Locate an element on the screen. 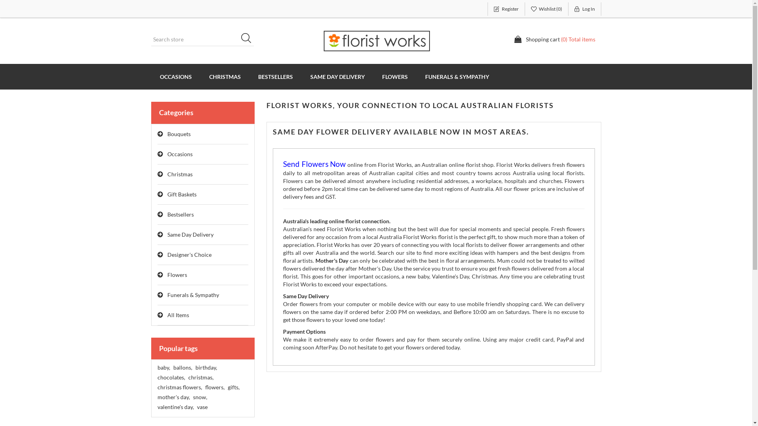  'BESTSELLERS' is located at coordinates (249, 77).